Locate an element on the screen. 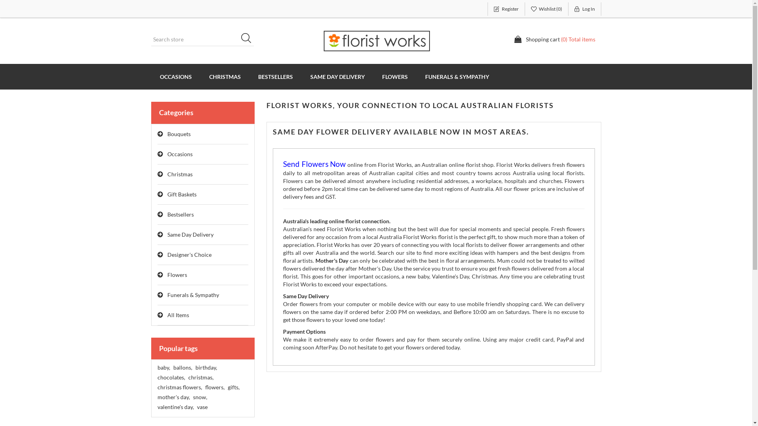  'BESTSELLERS' is located at coordinates (249, 77).